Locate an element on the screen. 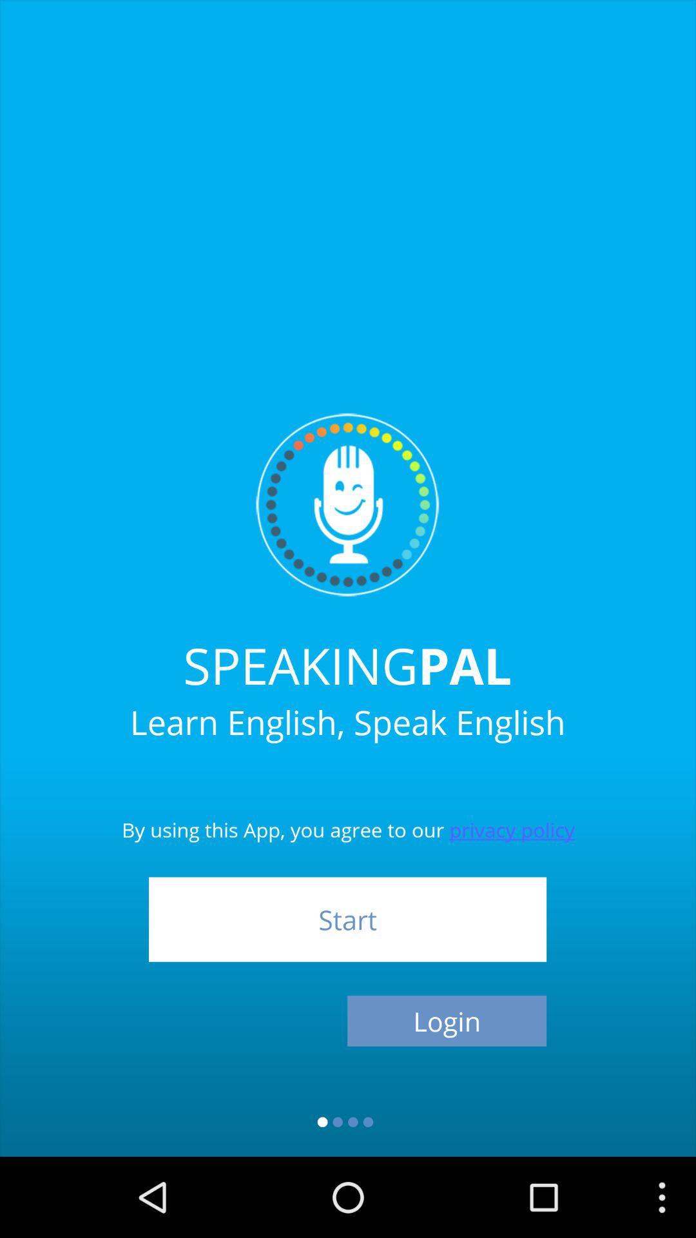 This screenshot has height=1238, width=696. the by using this item is located at coordinates (348, 809).